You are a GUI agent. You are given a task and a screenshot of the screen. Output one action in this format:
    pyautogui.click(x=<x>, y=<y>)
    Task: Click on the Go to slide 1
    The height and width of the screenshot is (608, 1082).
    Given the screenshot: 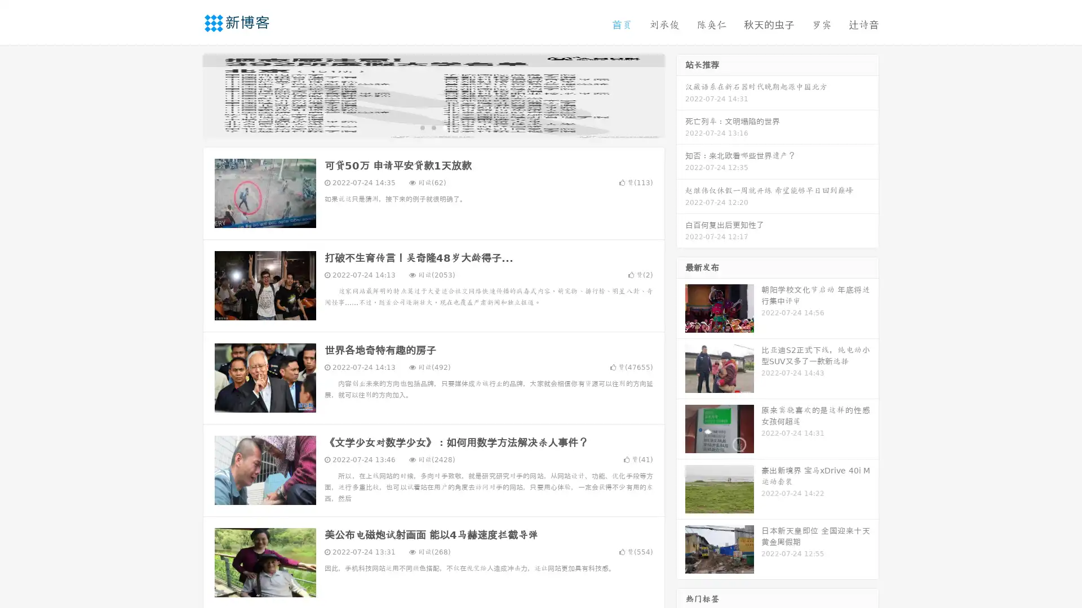 What is the action you would take?
    pyautogui.click(x=422, y=127)
    